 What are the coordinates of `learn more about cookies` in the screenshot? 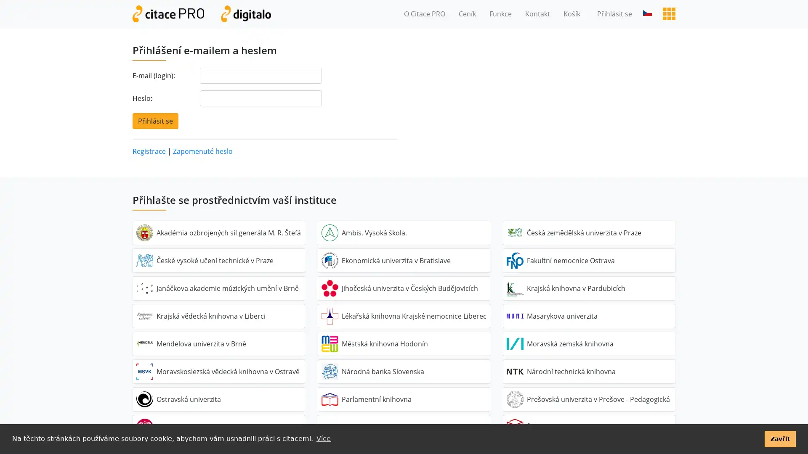 It's located at (323, 438).